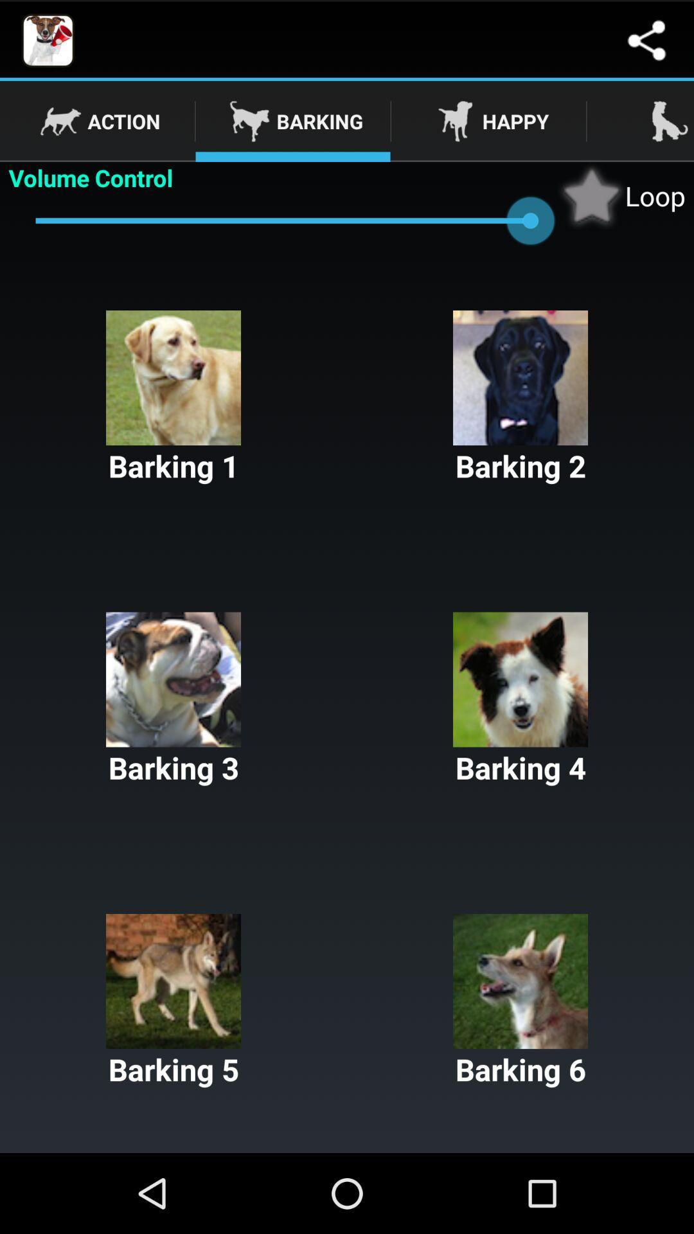 The height and width of the screenshot is (1234, 694). Describe the element at coordinates (621, 195) in the screenshot. I see `loop` at that location.